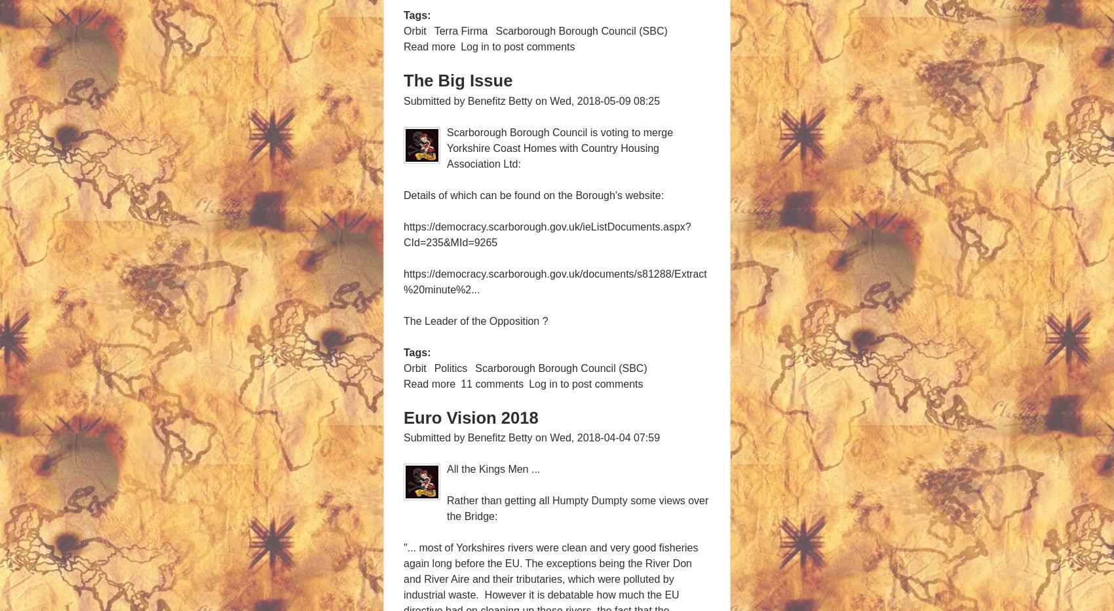 Image resolution: width=1114 pixels, height=611 pixels. What do you see at coordinates (548, 100) in the screenshot?
I see `'Wed, 2018-05-09 08:25'` at bounding box center [548, 100].